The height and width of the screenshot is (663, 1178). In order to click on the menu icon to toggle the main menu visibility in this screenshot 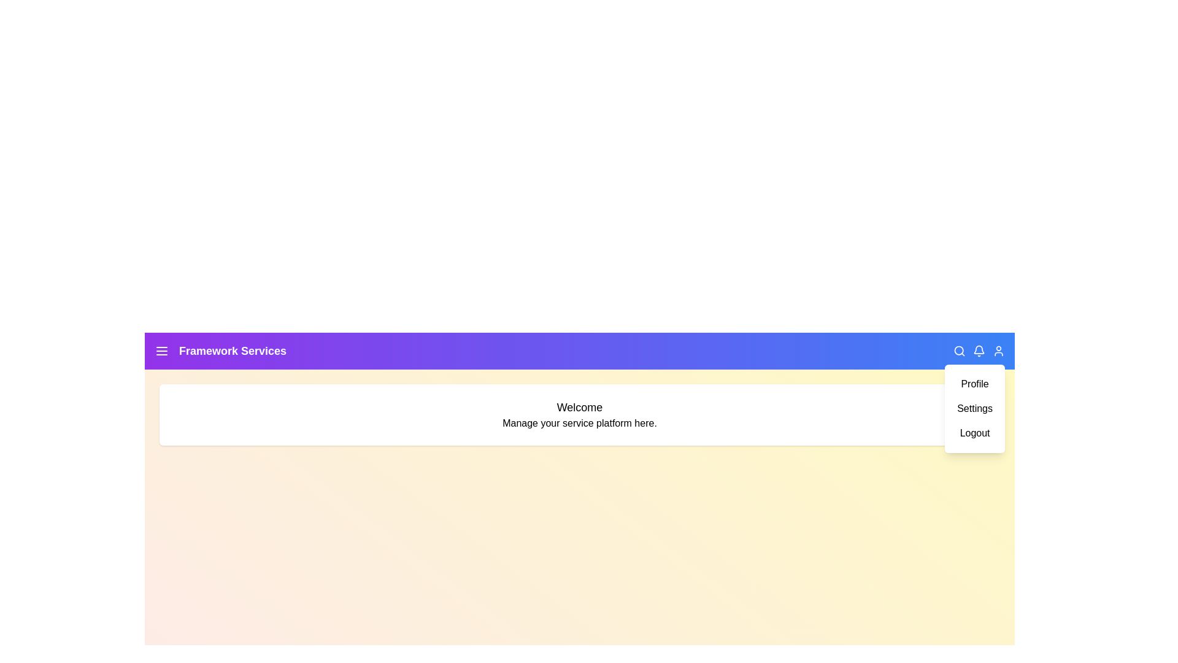, I will do `click(161, 351)`.